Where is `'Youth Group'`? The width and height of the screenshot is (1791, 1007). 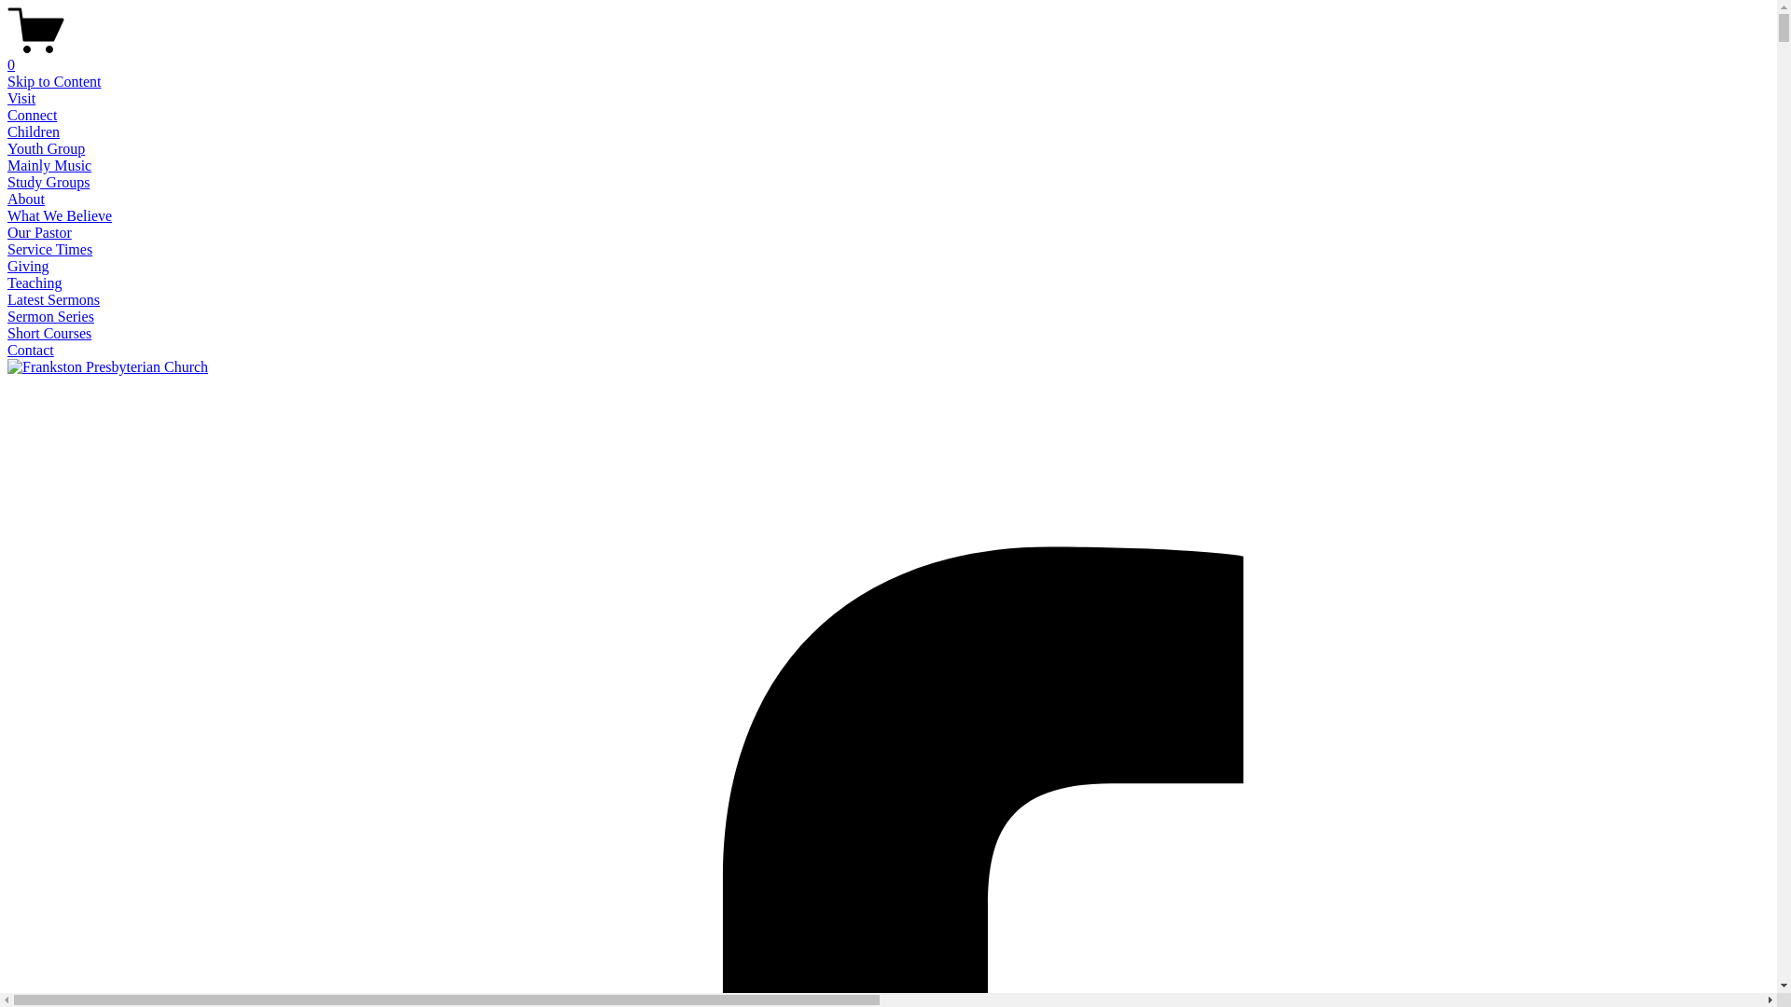 'Youth Group' is located at coordinates (46, 147).